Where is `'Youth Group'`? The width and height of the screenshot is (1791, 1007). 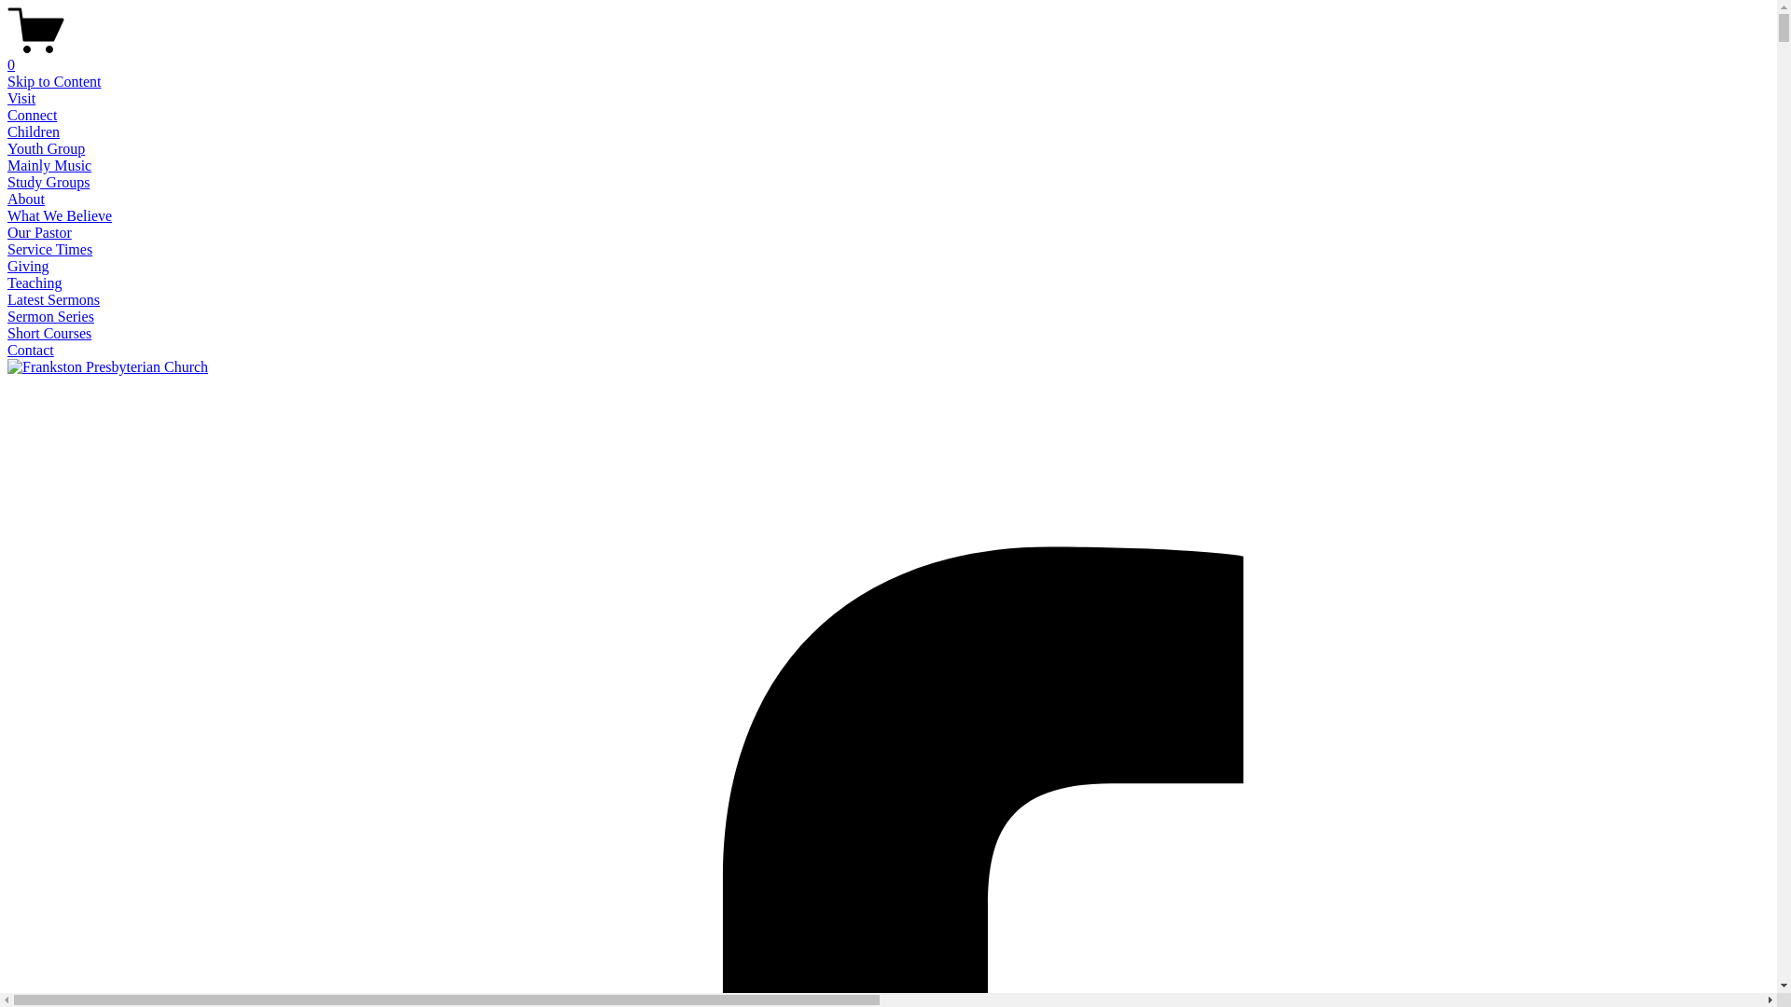 'Youth Group' is located at coordinates (46, 147).